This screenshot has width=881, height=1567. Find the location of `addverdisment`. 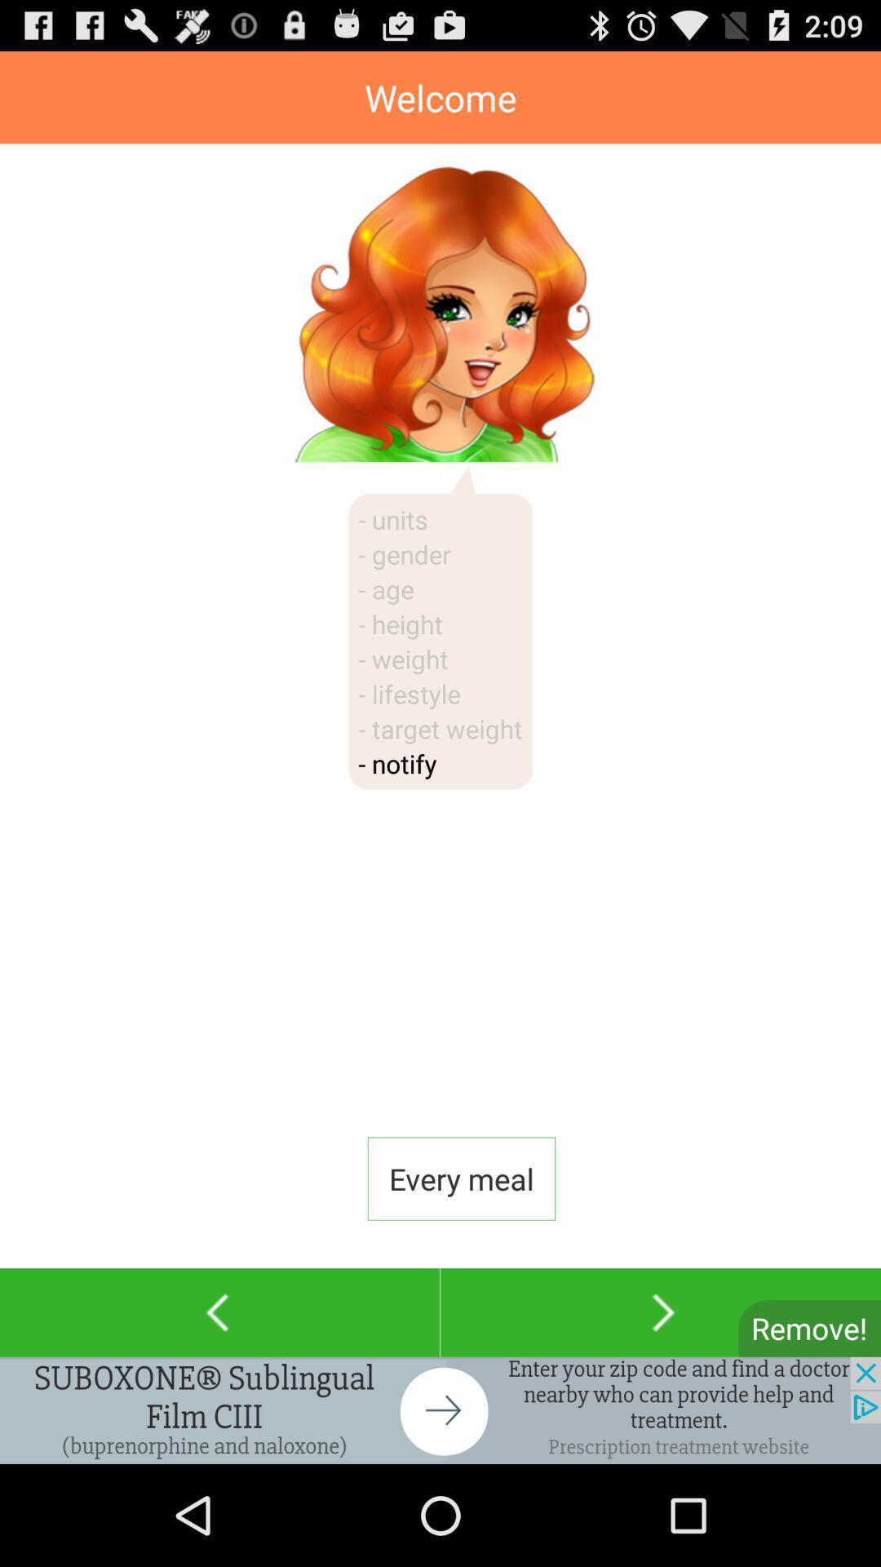

addverdisment is located at coordinates (440, 1409).